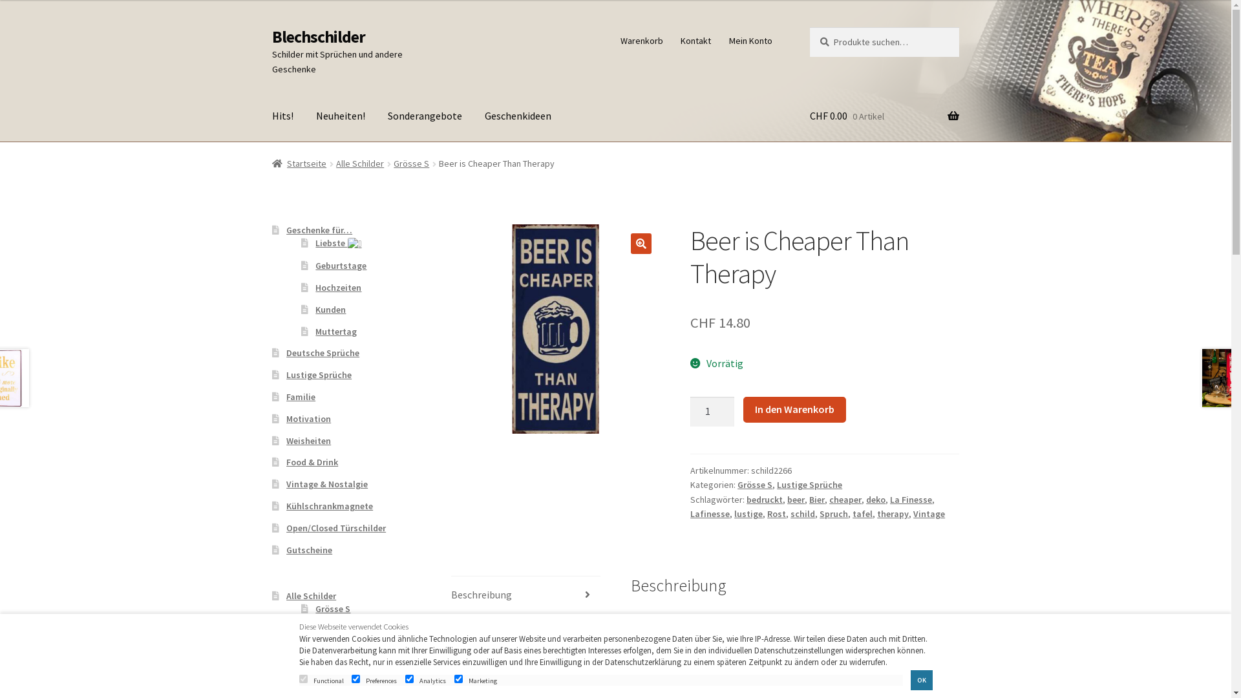  I want to click on 'Weisheiten', so click(308, 440).